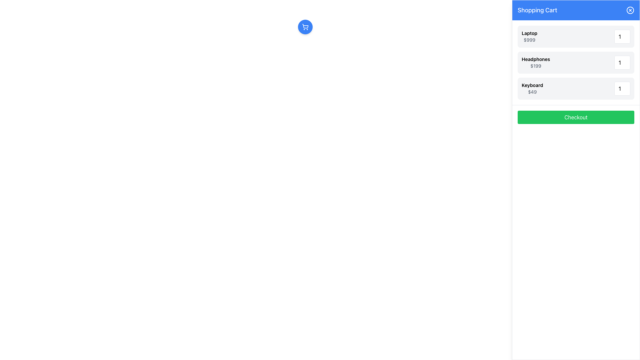 This screenshot has height=360, width=640. Describe the element at coordinates (532, 92) in the screenshot. I see `the price text of the 'Keyboard' item in the shopping cart, which is located beneath the label 'Keyboard' and aligned next to the quantity selector` at that location.